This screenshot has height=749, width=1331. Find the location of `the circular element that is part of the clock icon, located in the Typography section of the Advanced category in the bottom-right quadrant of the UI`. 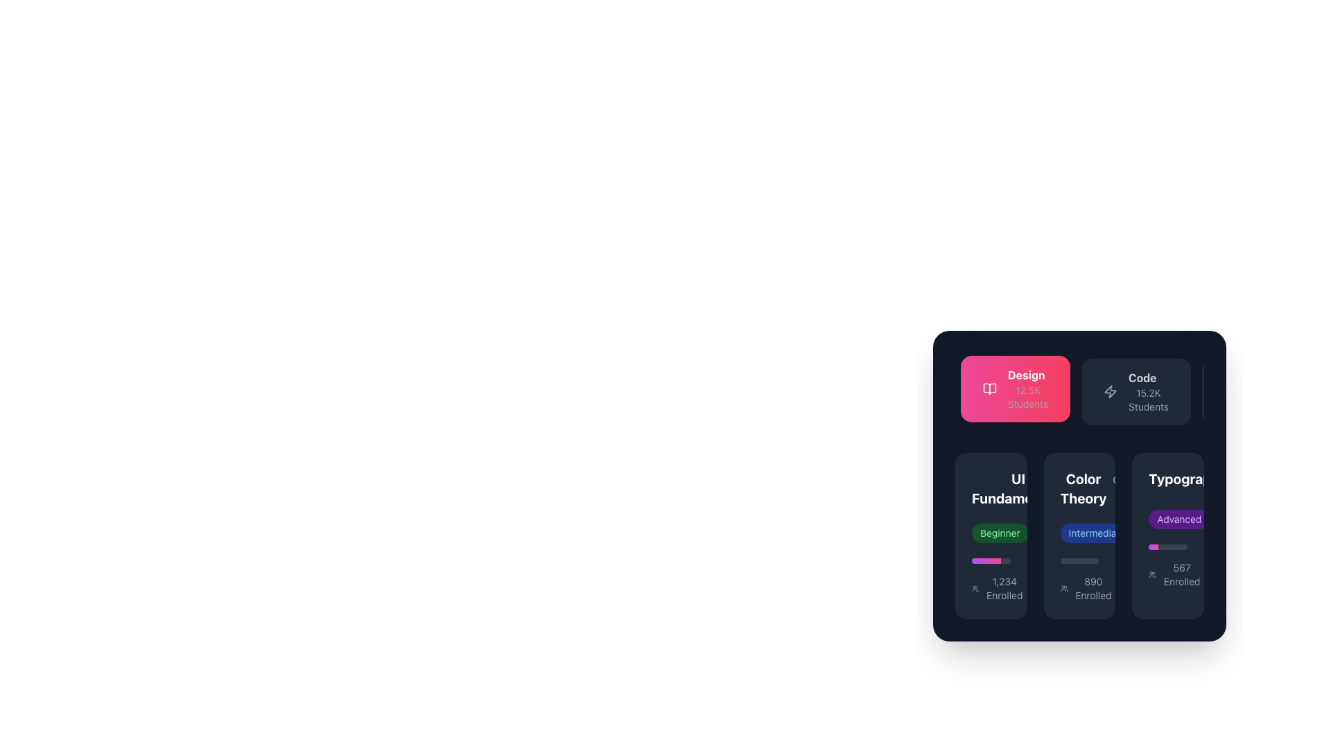

the circular element that is part of the clock icon, located in the Typography section of the Advanced category in the bottom-right quadrant of the UI is located at coordinates (1148, 532).